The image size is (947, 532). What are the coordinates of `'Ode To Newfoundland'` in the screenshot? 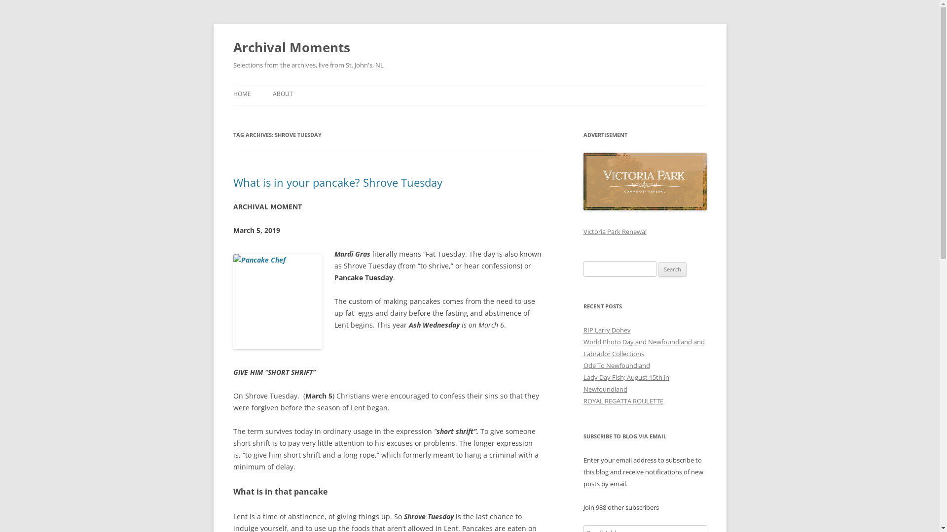 It's located at (616, 365).